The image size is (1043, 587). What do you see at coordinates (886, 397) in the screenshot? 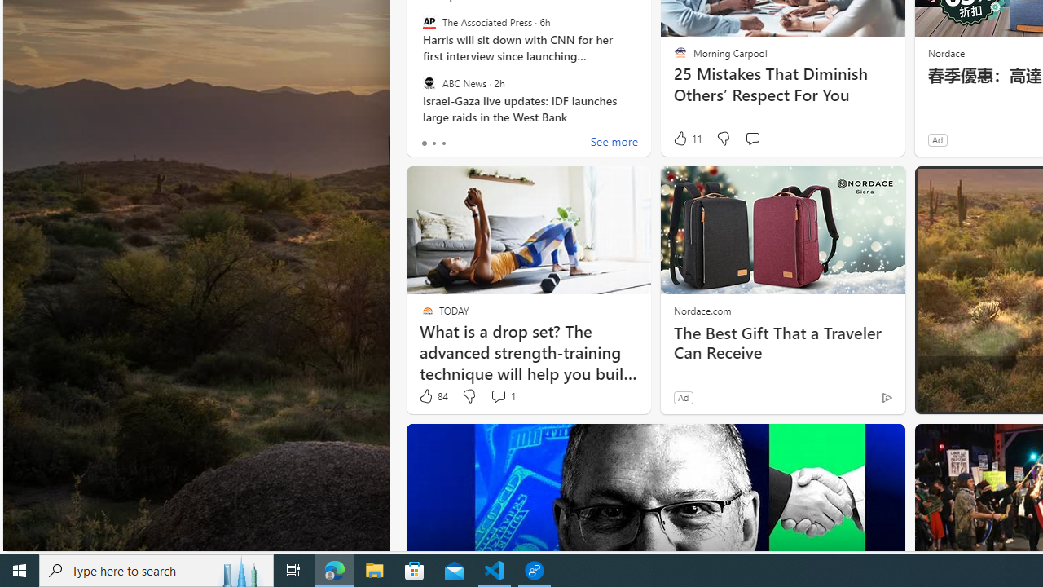
I see `'Ad Choice'` at bounding box center [886, 397].